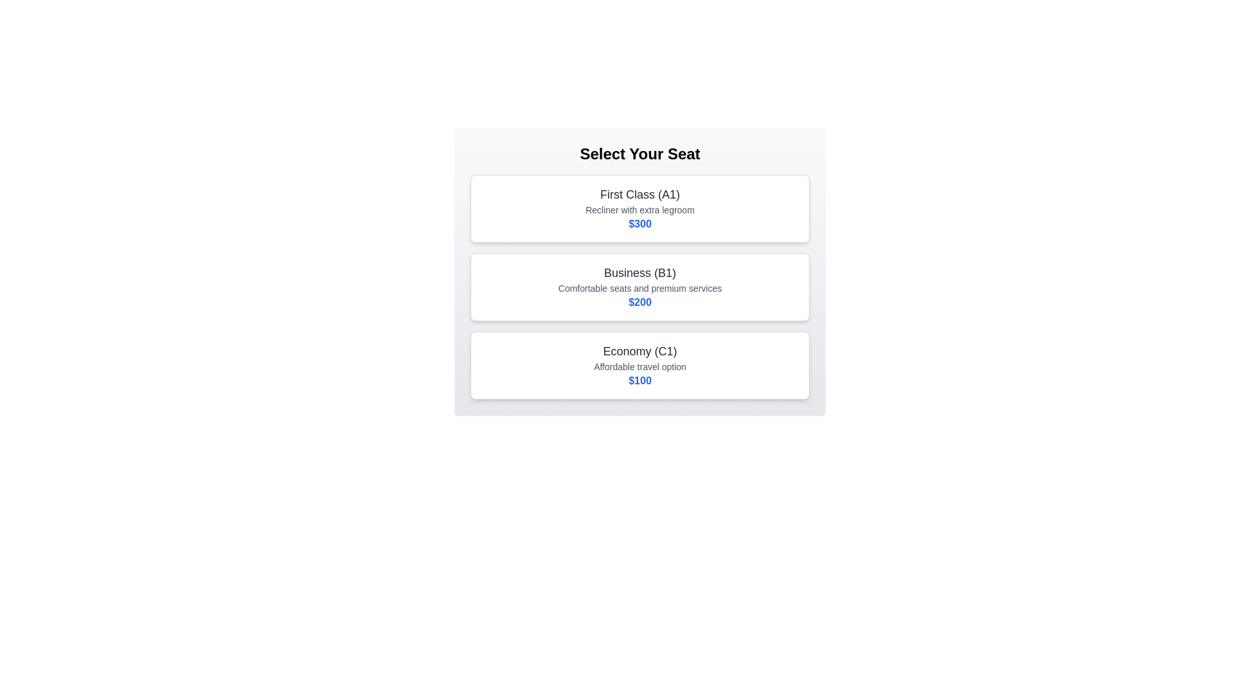  I want to click on the Button-like card at the top of the vertical stack, so click(640, 208).